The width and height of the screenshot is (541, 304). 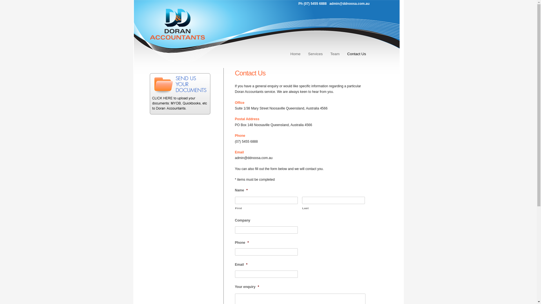 I want to click on 'Contact Us', so click(x=343, y=54).